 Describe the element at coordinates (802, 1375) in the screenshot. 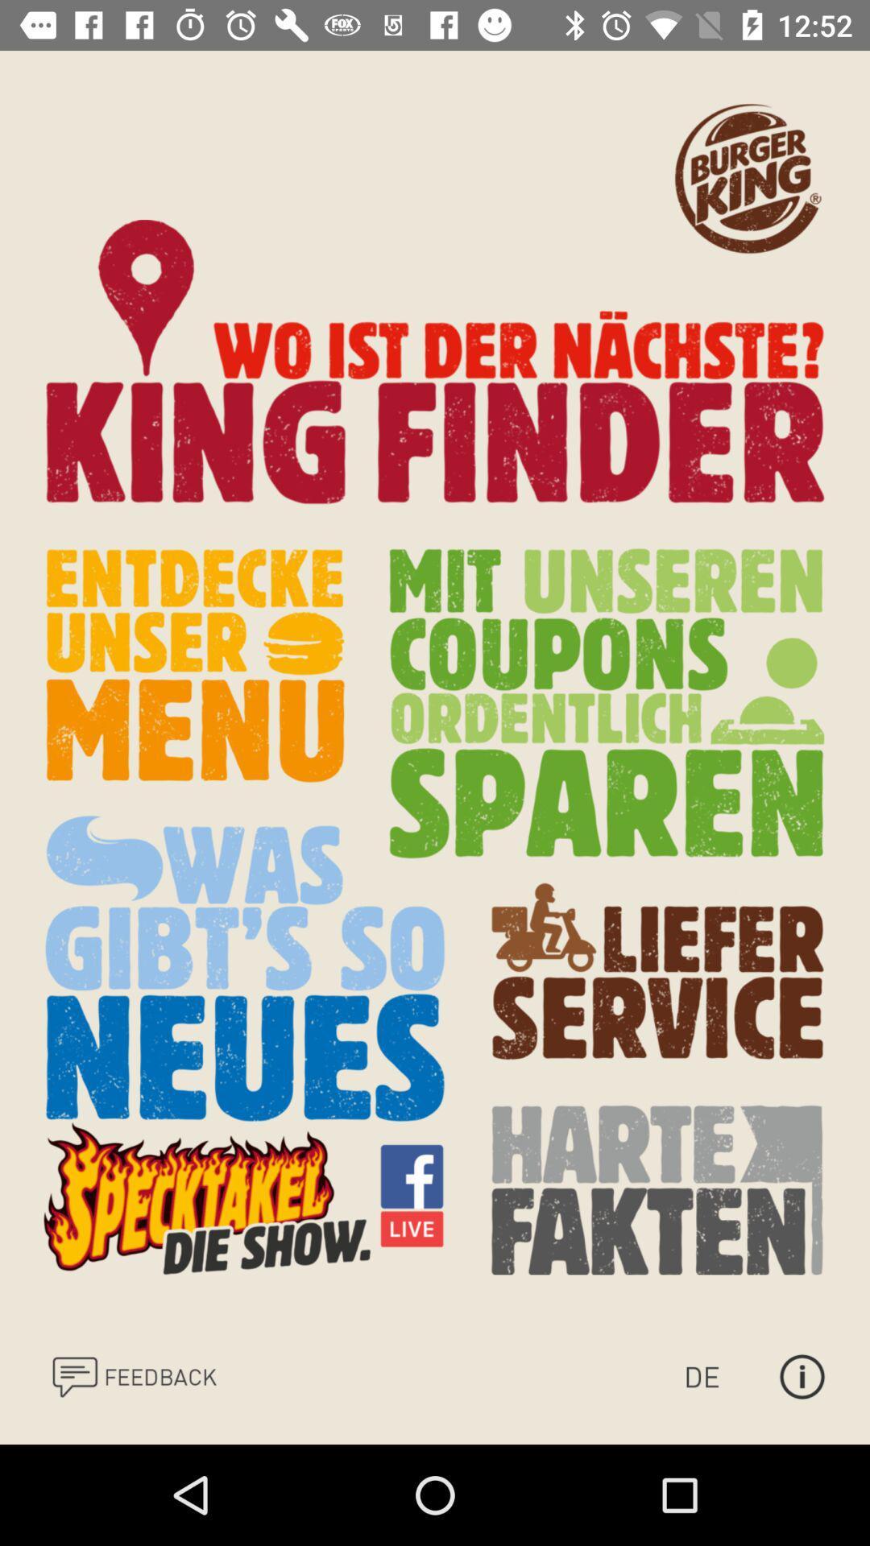

I see `open more information` at that location.